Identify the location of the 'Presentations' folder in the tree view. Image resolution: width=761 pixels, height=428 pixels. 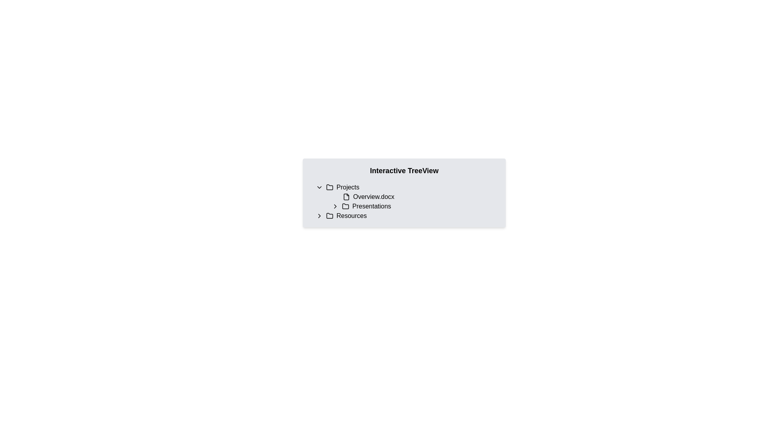
(415, 206).